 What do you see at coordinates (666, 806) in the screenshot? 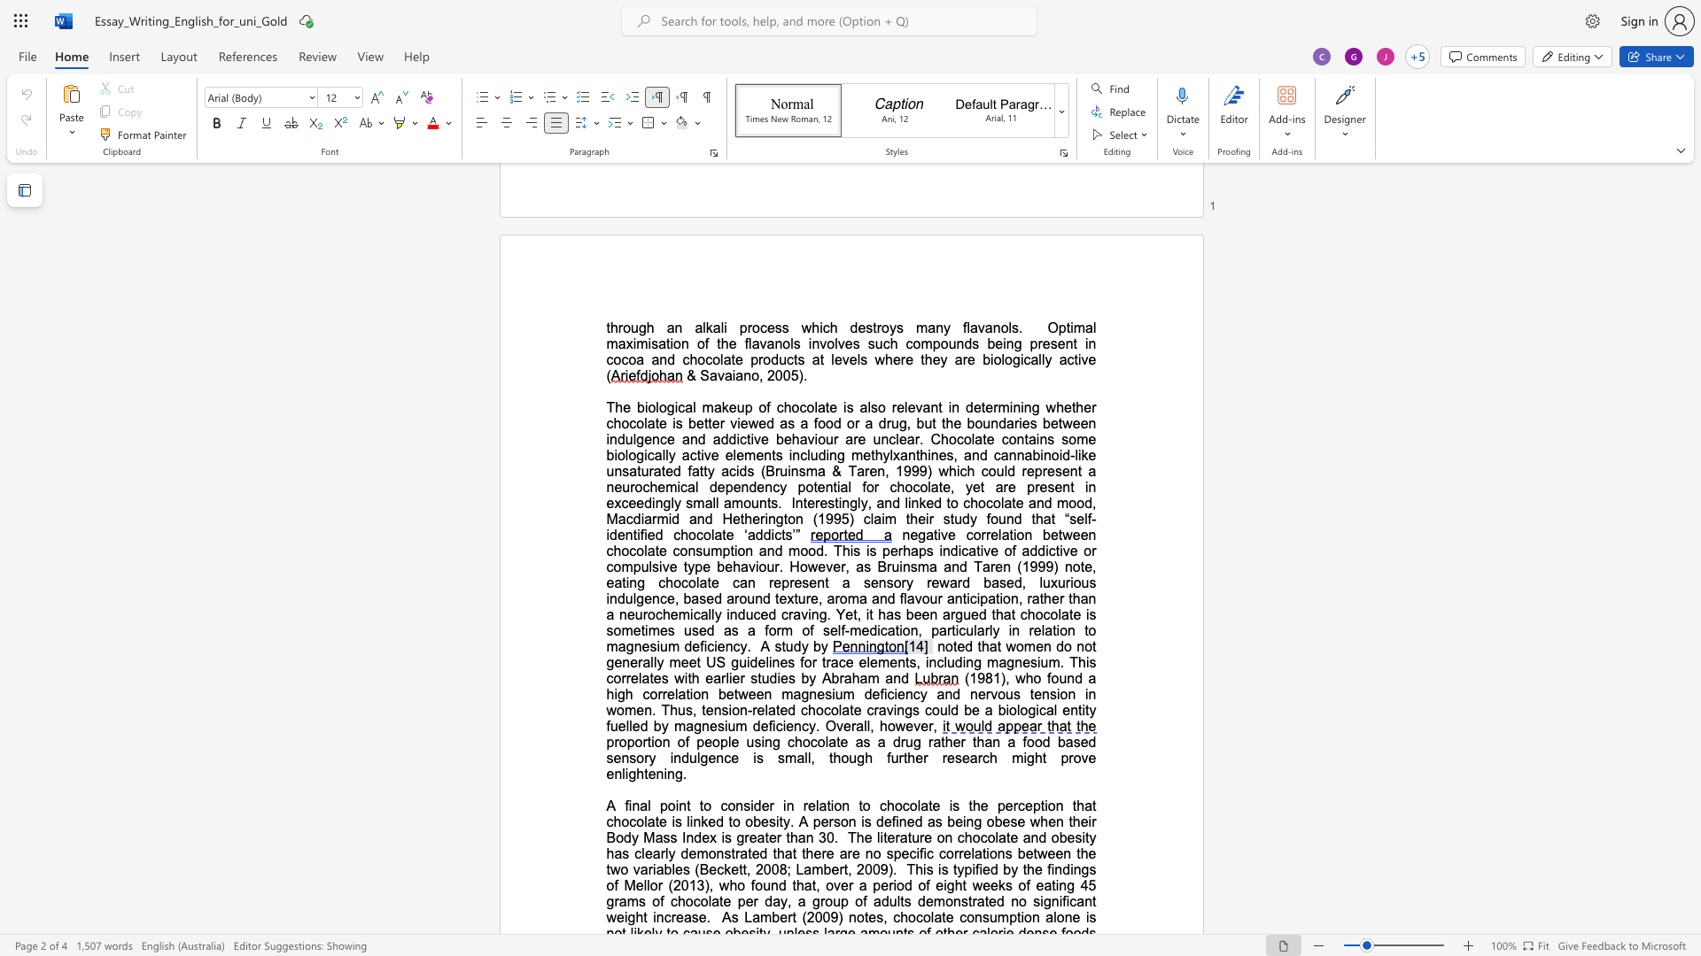
I see `the space between the continuous character "p" and "o" in the text` at bounding box center [666, 806].